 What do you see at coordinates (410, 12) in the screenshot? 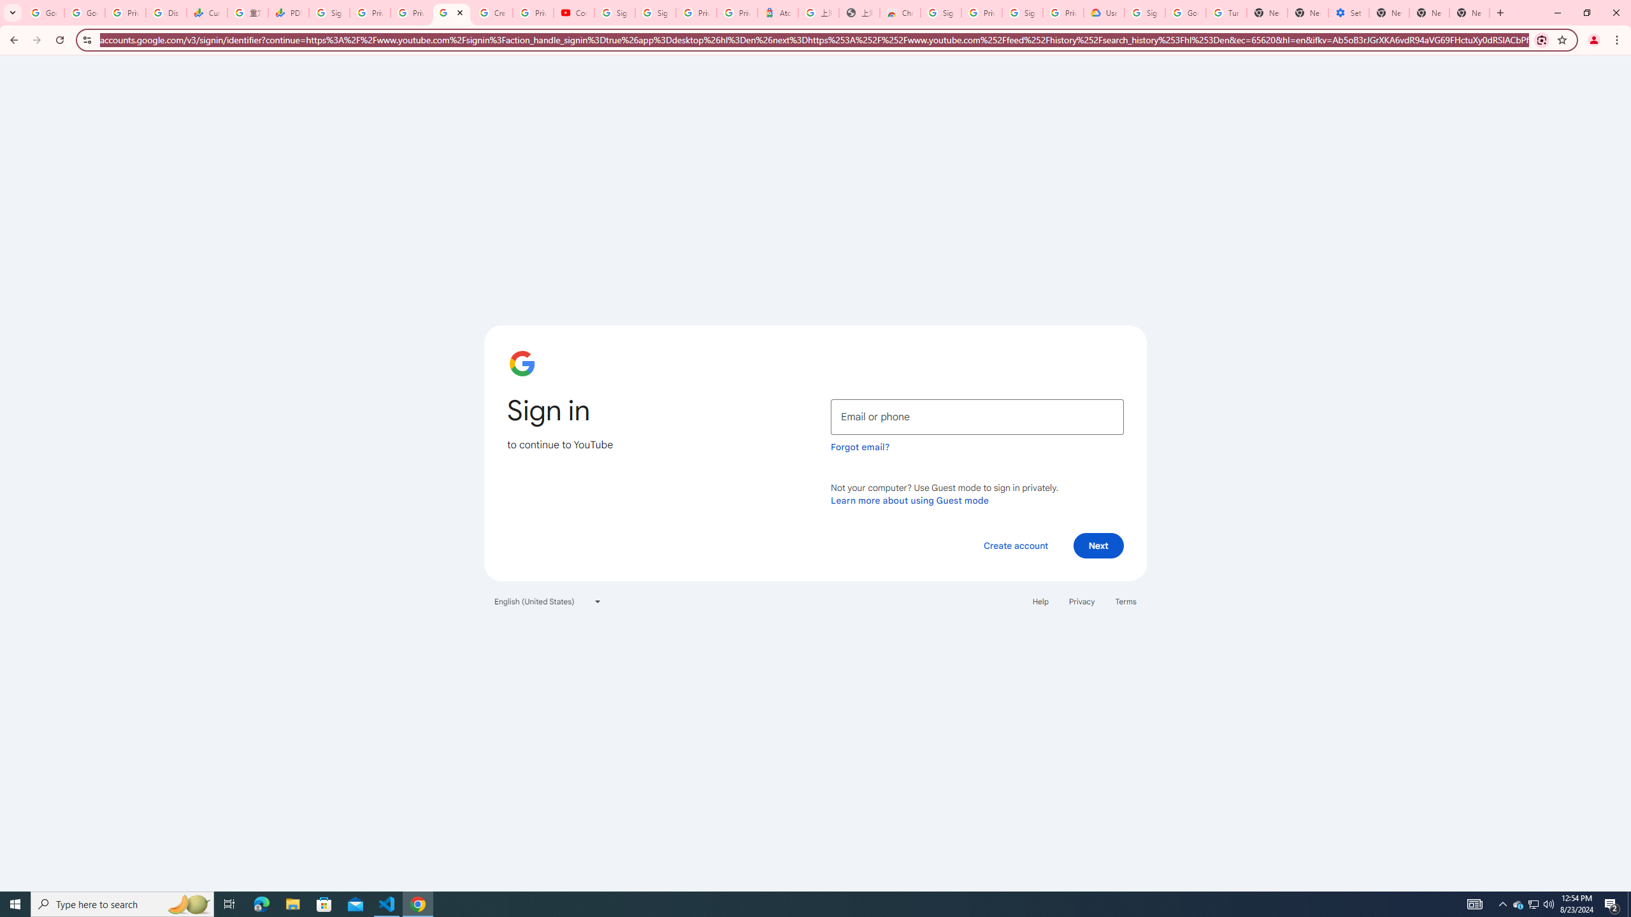
I see `'Privacy Checkup'` at bounding box center [410, 12].